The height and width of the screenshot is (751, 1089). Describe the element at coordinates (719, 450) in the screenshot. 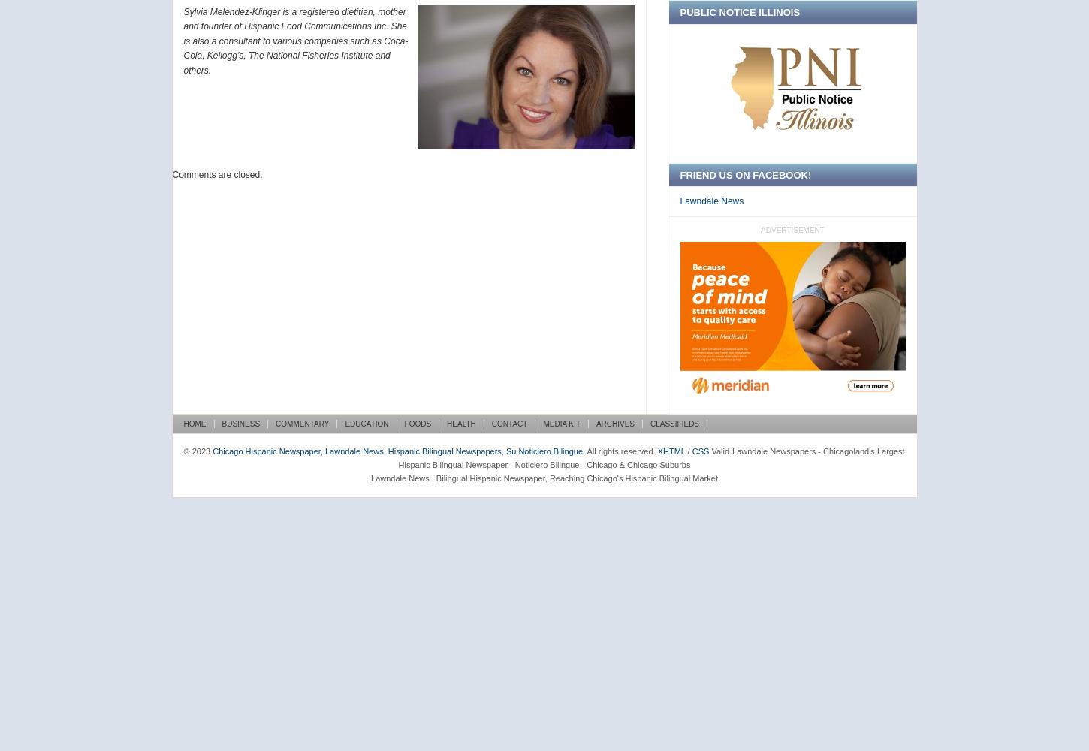

I see `'Valid.'` at that location.